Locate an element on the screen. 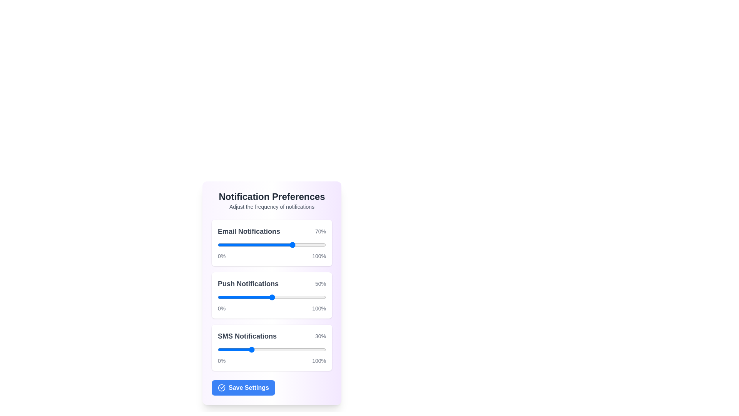  the SMS Notifications slider is located at coordinates (297, 349).